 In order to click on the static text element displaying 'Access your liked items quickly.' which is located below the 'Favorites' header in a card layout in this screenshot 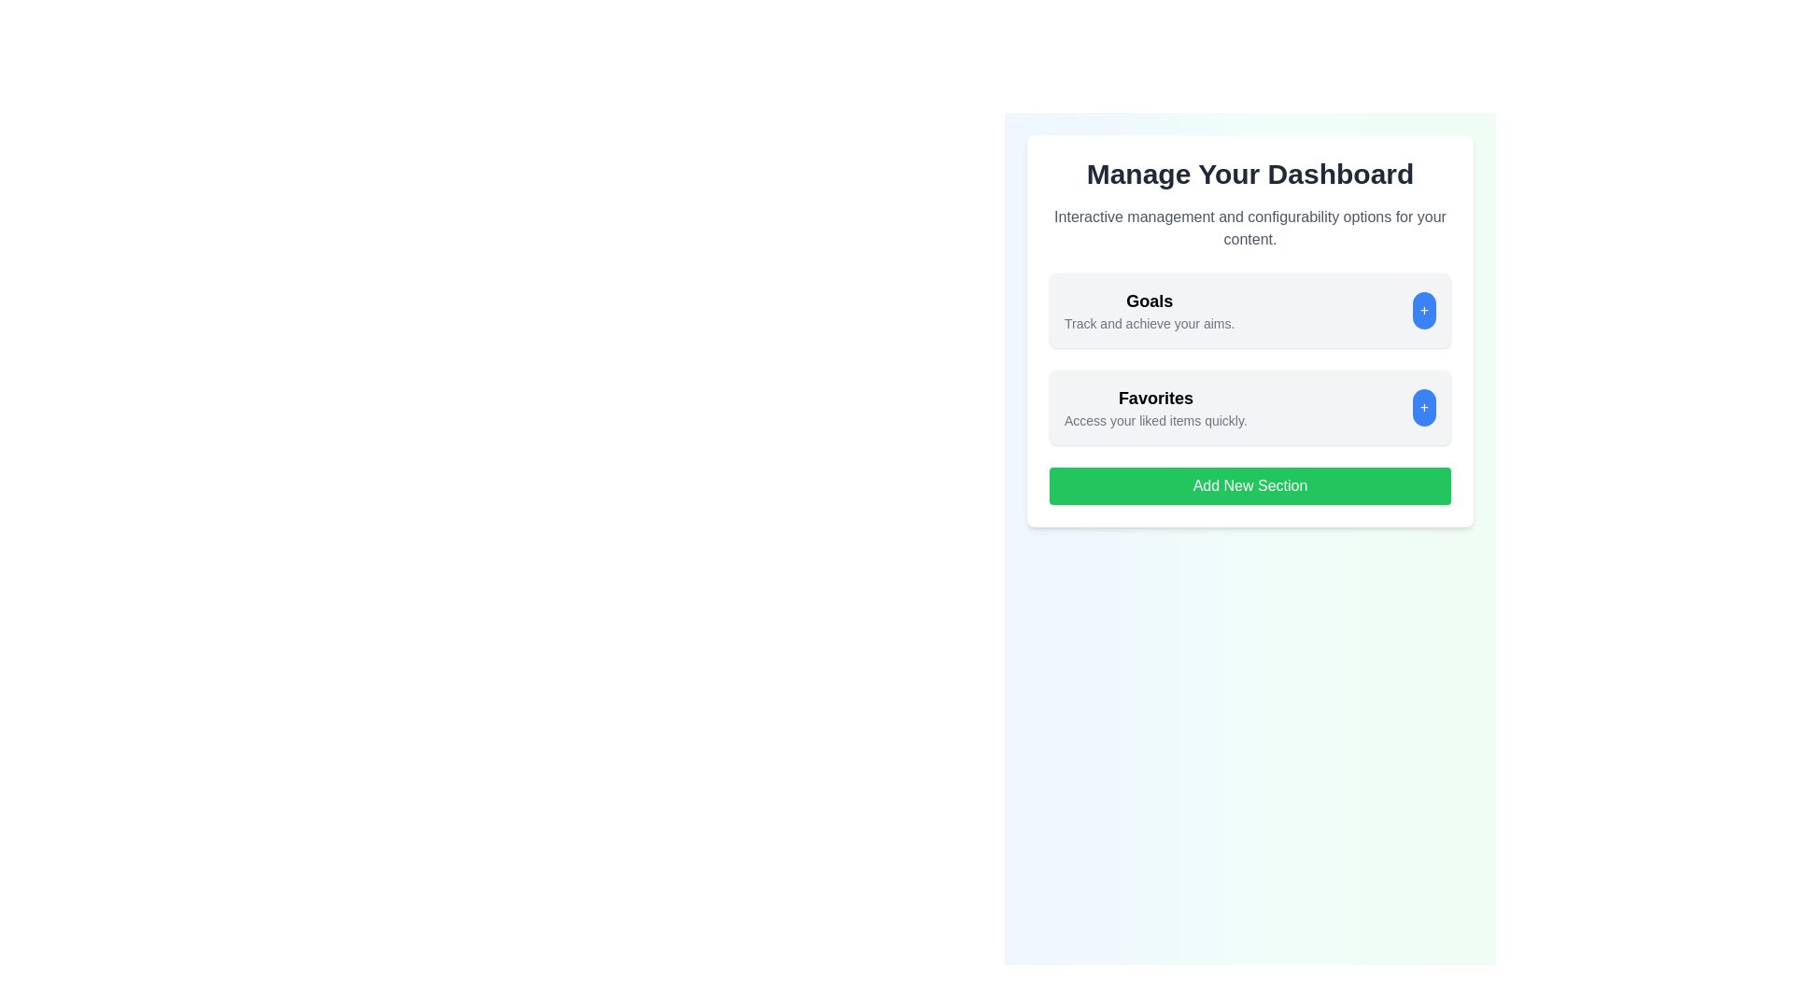, I will do `click(1154, 421)`.